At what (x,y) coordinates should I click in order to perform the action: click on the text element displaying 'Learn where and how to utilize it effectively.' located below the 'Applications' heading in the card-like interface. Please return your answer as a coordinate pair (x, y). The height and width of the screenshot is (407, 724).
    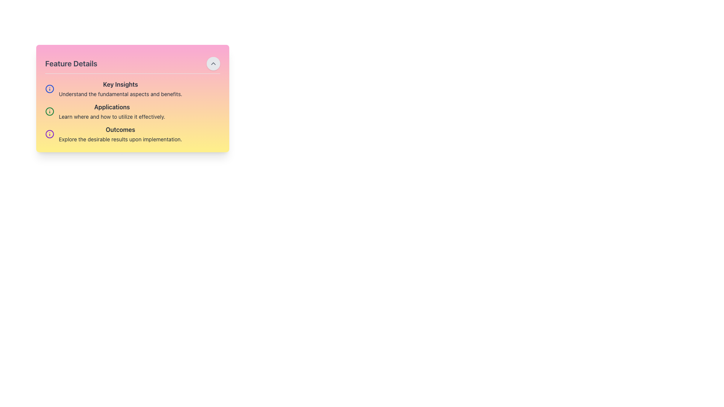
    Looking at the image, I should click on (112, 116).